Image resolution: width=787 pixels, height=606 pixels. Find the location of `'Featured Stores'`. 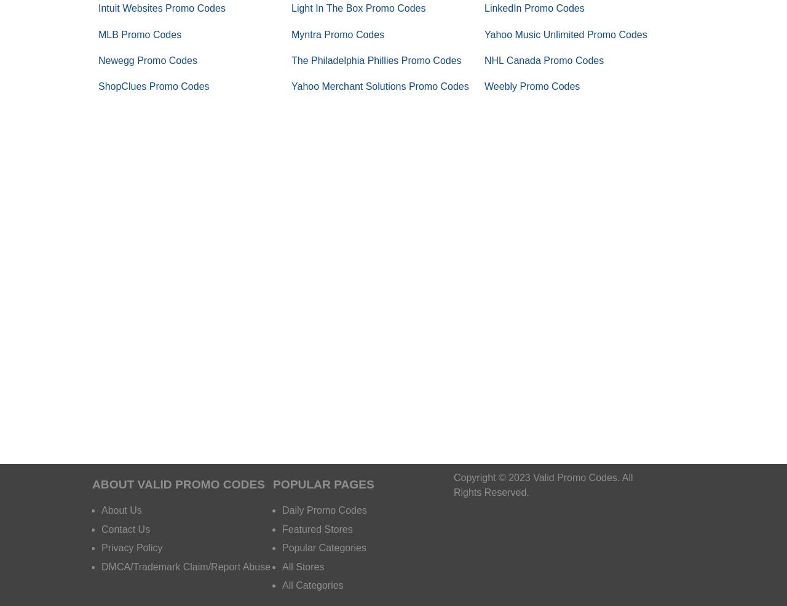

'Featured Stores' is located at coordinates (317, 528).